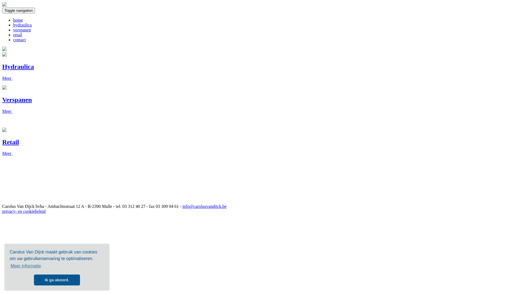 Image resolution: width=526 pixels, height=295 pixels. Describe the element at coordinates (7, 78) in the screenshot. I see `'Meer '` at that location.